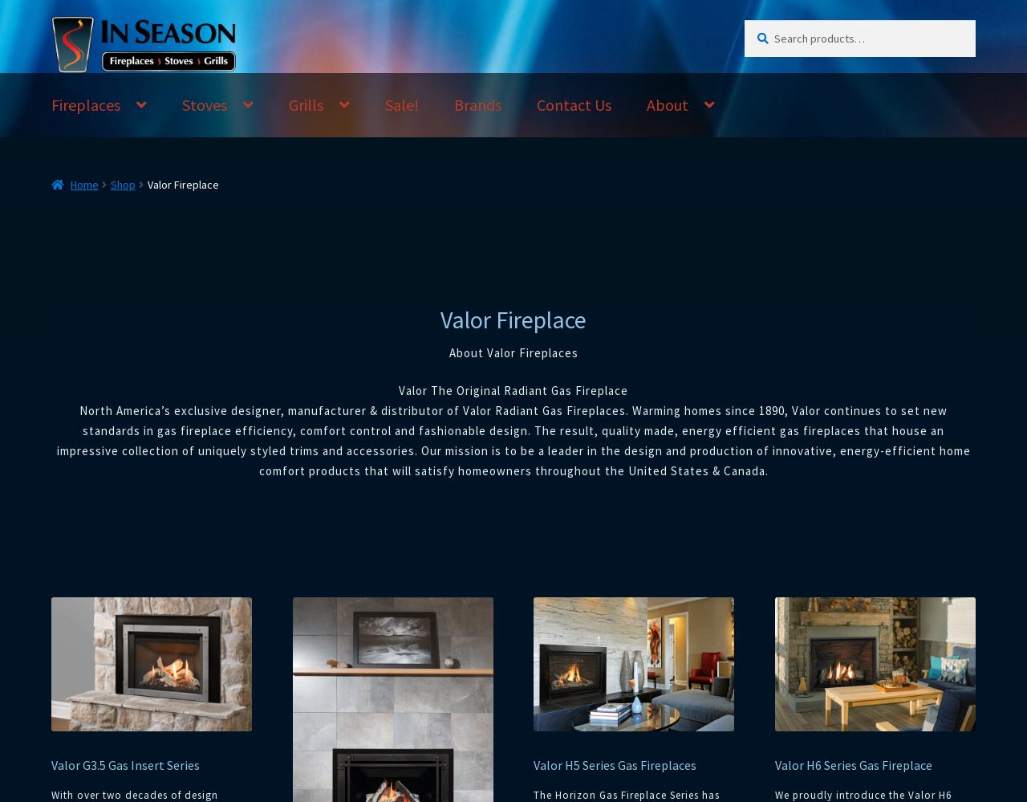 The width and height of the screenshot is (1027, 802). What do you see at coordinates (124, 764) in the screenshot?
I see `'Valor G3.5 Gas Insert Series'` at bounding box center [124, 764].